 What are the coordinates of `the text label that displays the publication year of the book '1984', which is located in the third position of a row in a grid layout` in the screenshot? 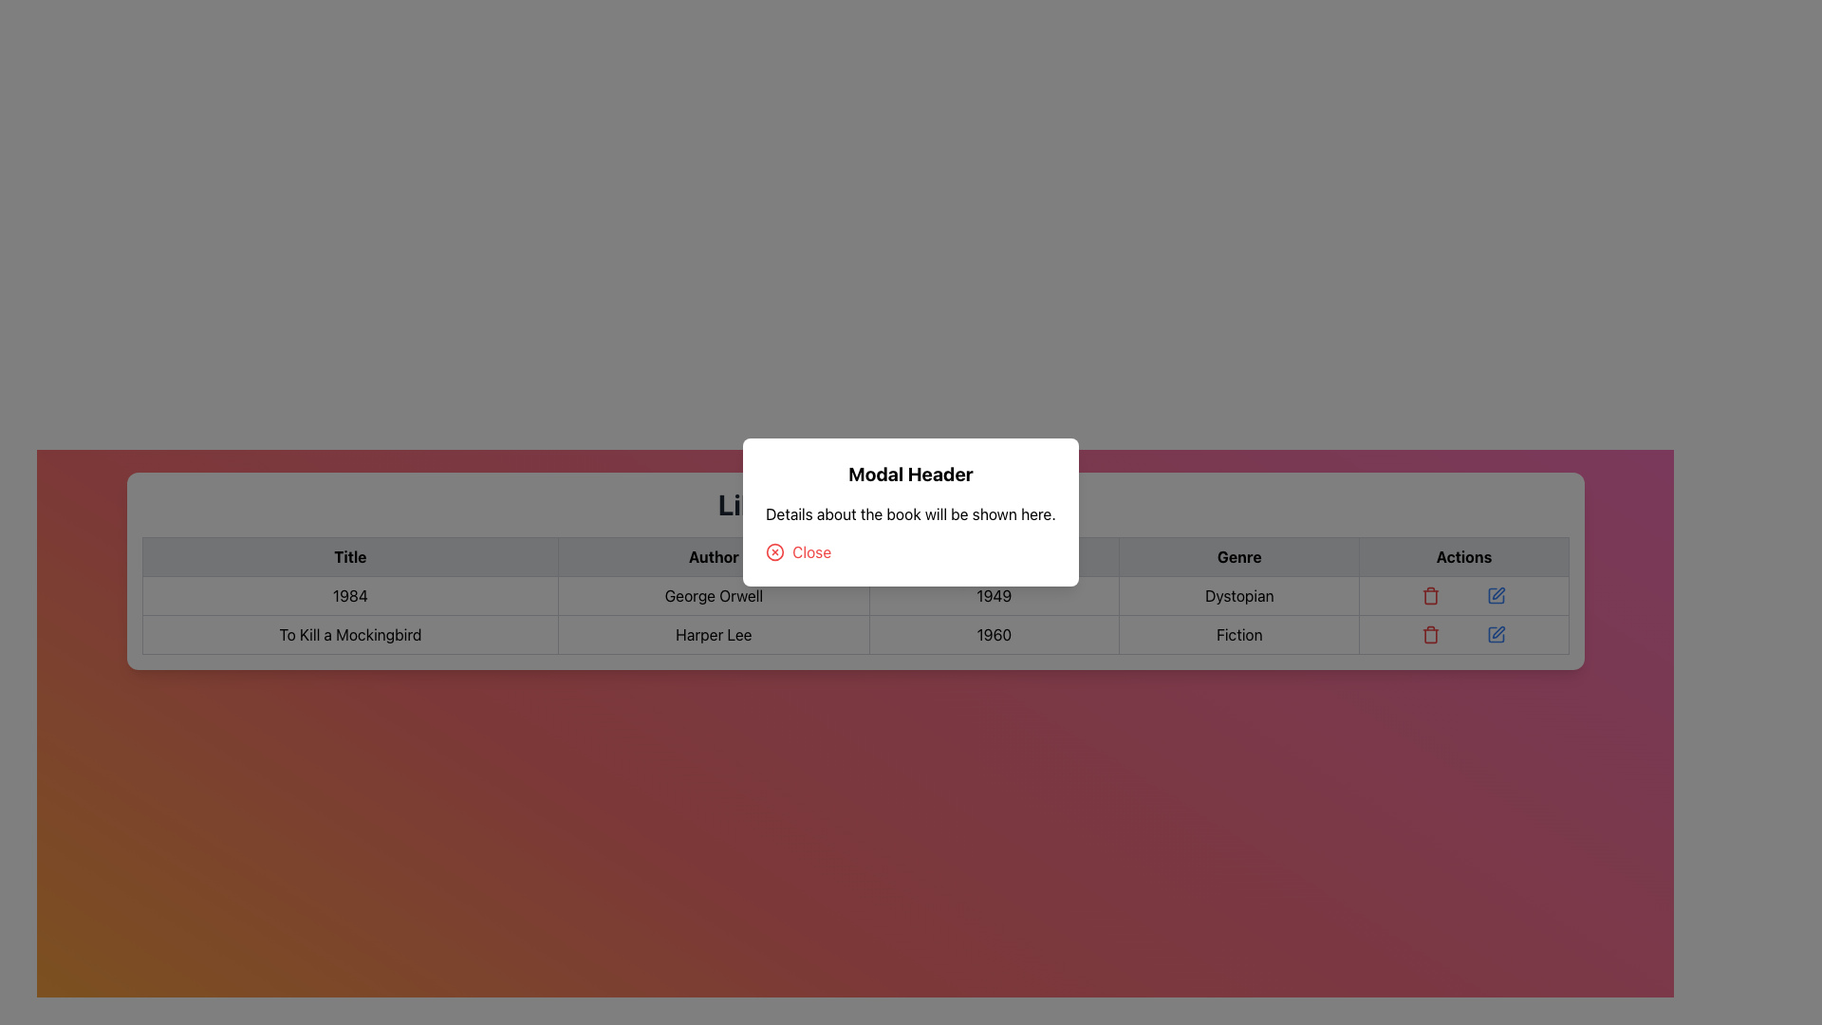 It's located at (993, 595).